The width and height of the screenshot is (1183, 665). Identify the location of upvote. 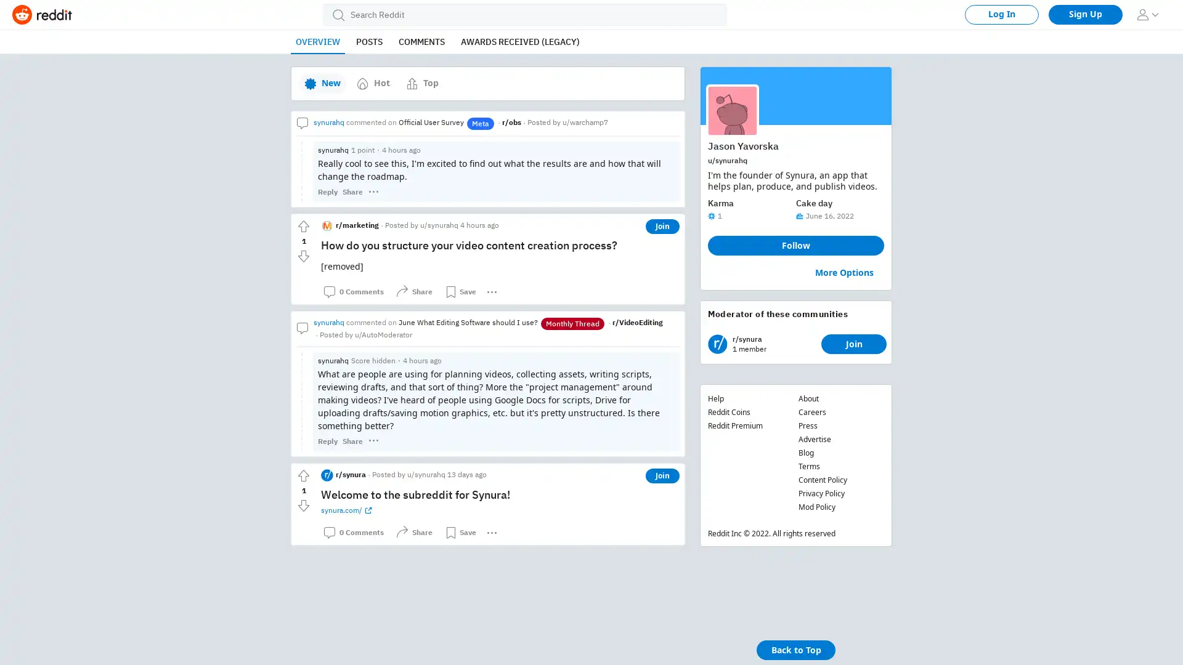
(304, 474).